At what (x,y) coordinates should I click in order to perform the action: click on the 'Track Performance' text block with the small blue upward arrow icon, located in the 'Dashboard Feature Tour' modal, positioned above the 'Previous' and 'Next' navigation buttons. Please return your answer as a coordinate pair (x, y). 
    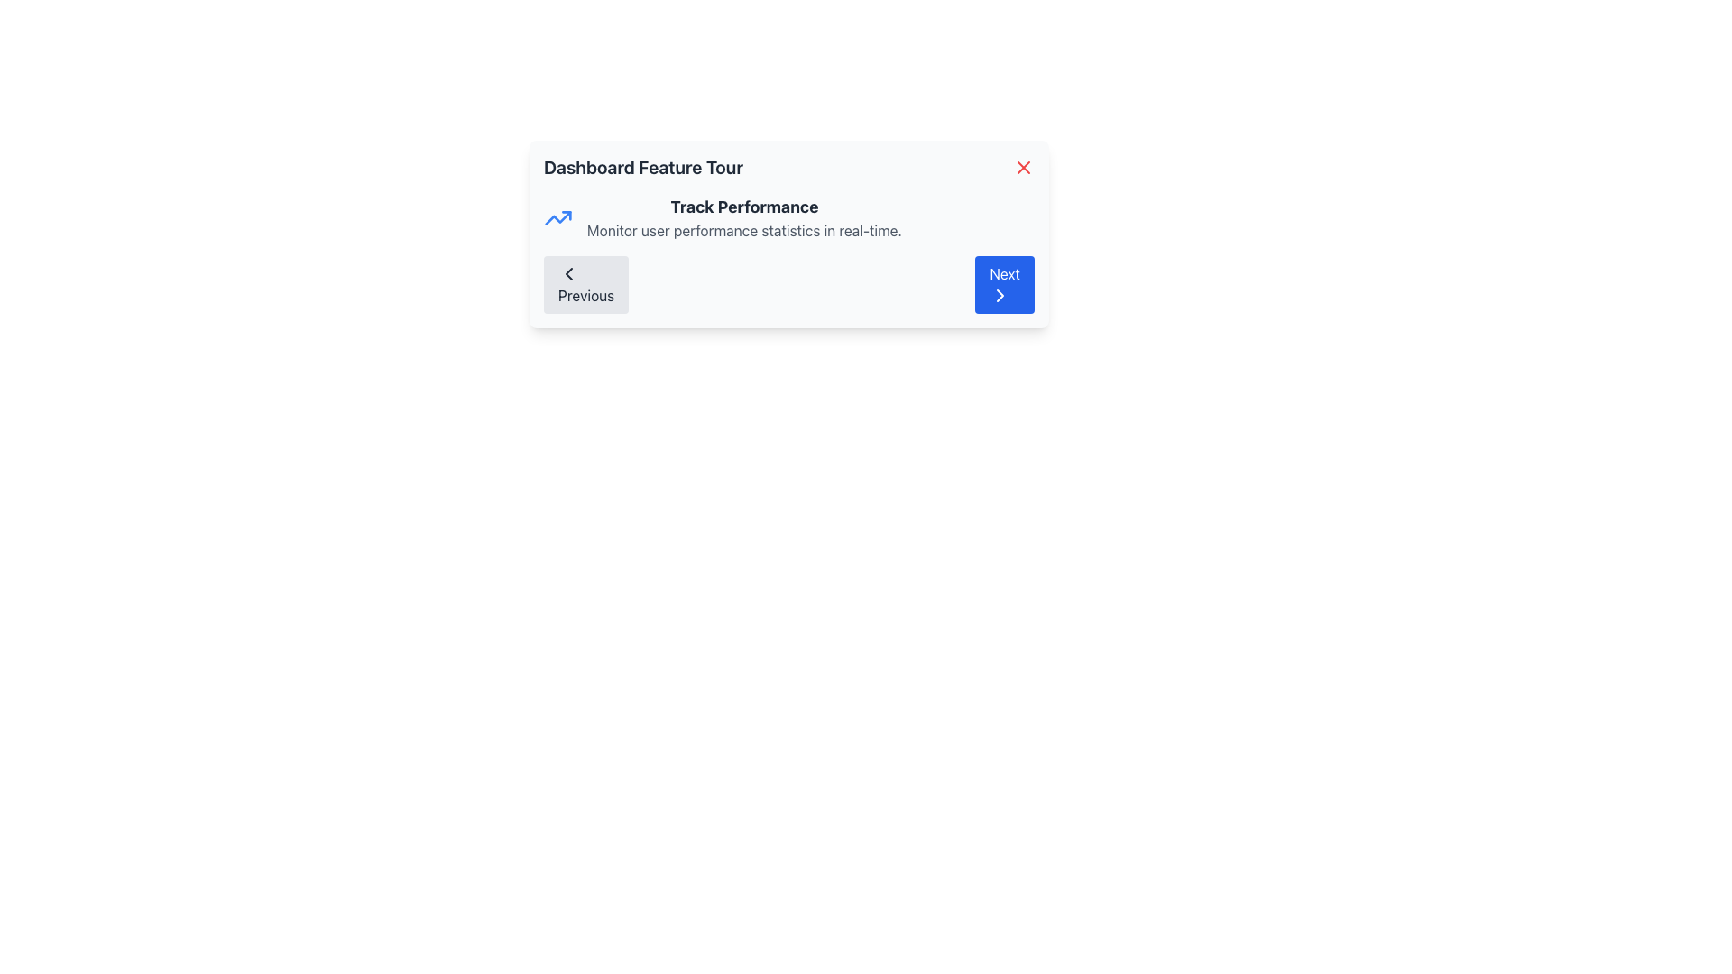
    Looking at the image, I should click on (788, 217).